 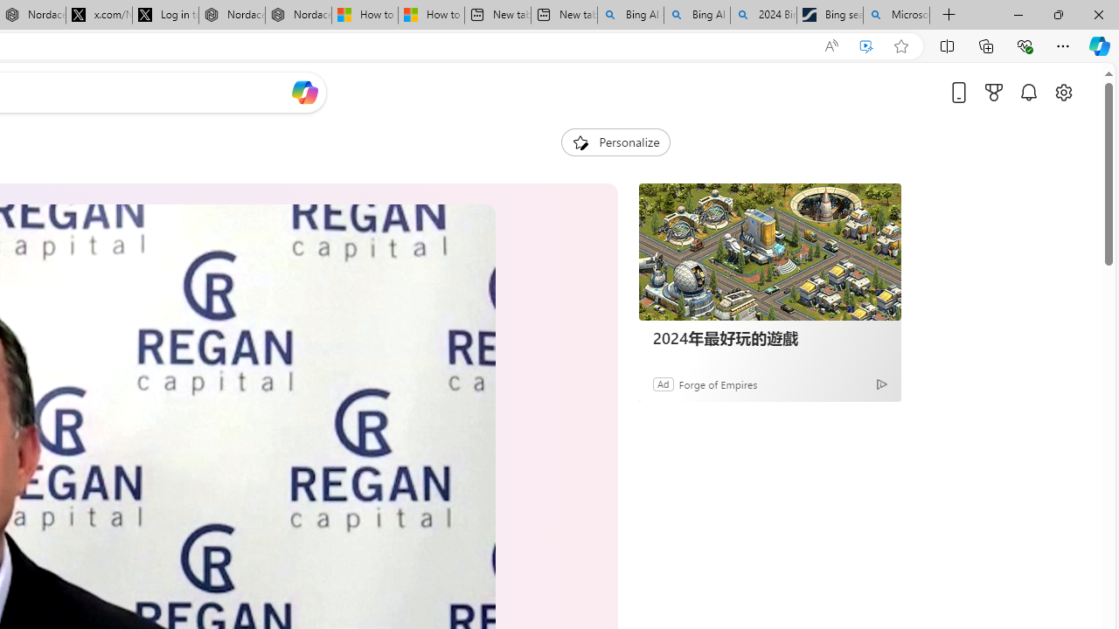 I want to click on 'Bing search market share worldwide 2024 | Statista', so click(x=829, y=15).